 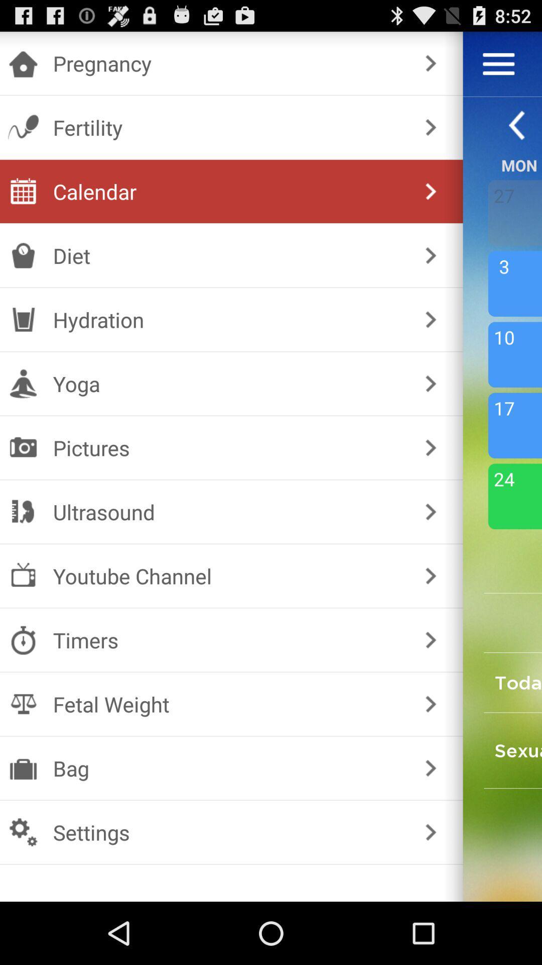 I want to click on the diet, so click(x=229, y=255).